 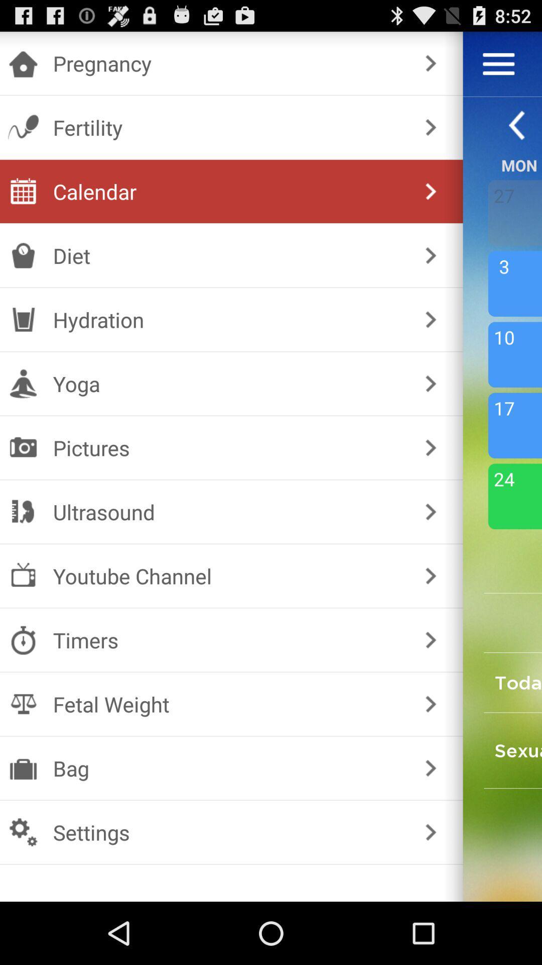 I want to click on the diet, so click(x=229, y=255).